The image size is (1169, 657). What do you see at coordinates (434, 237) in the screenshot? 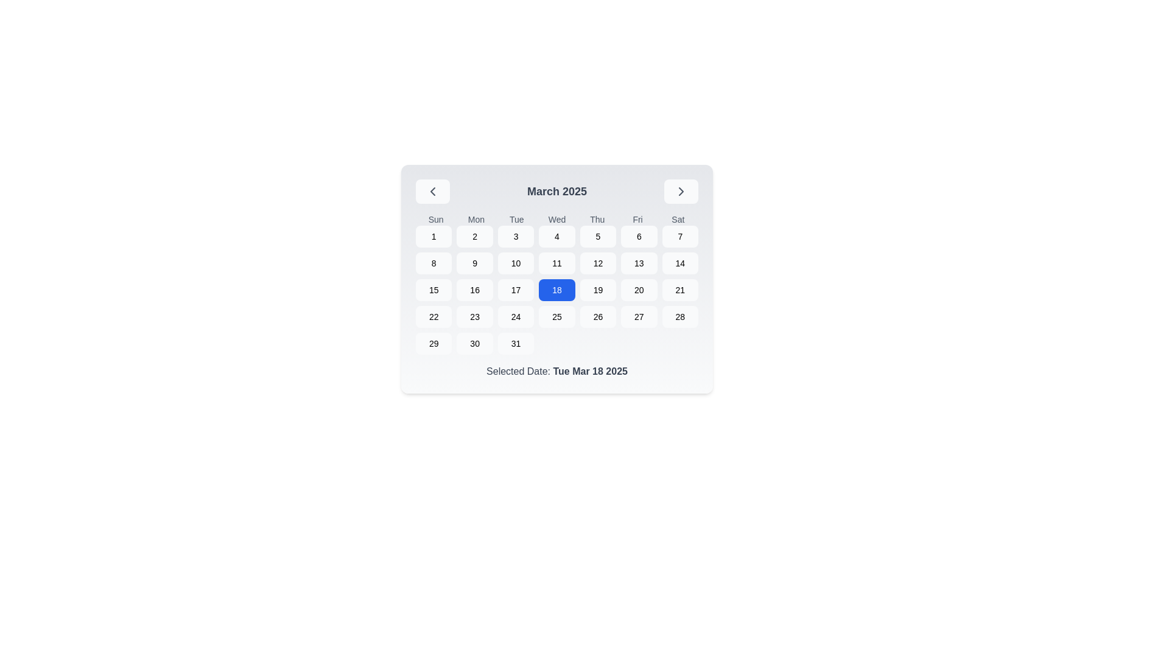
I see `the first day of the month button in the calendar view to observe any style change` at bounding box center [434, 237].